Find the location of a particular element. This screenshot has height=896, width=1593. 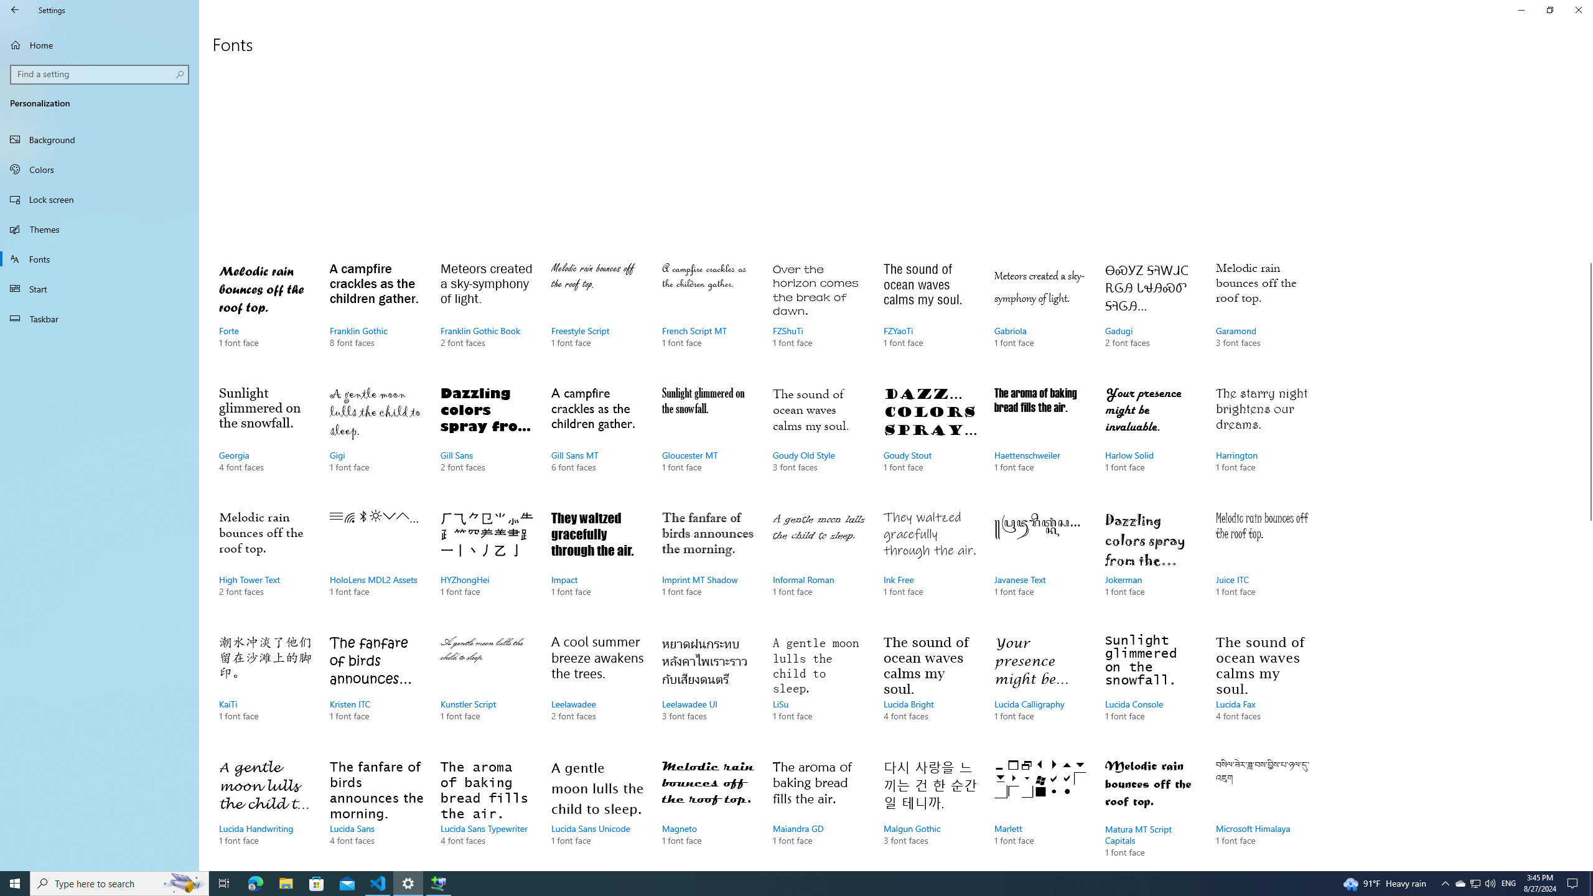

'Close Settings' is located at coordinates (1577, 9).